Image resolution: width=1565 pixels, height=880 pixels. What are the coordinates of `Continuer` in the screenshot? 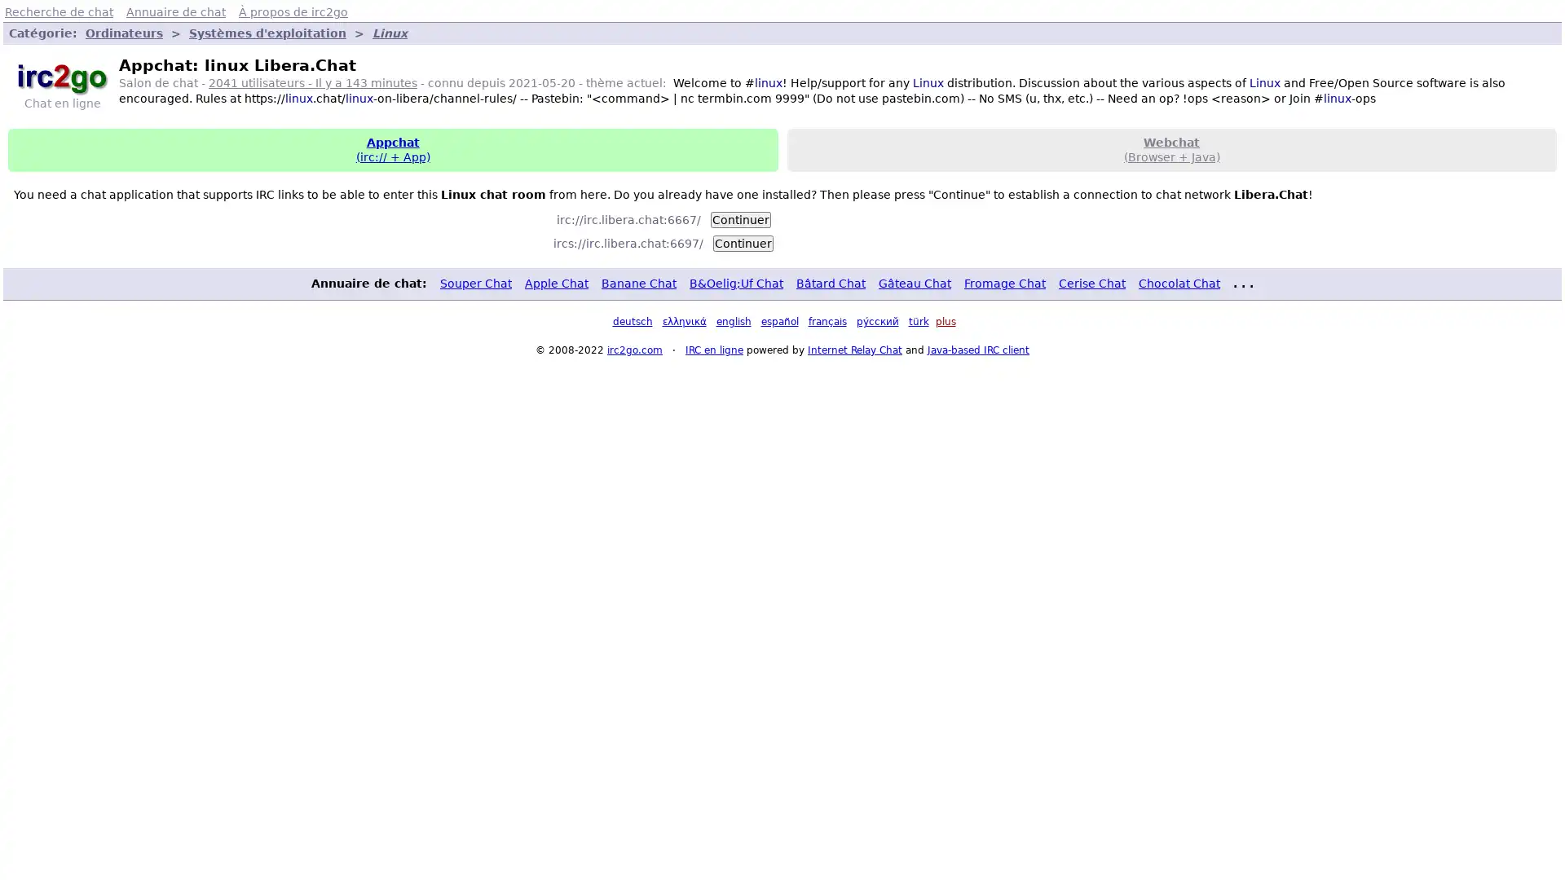 It's located at (738, 218).